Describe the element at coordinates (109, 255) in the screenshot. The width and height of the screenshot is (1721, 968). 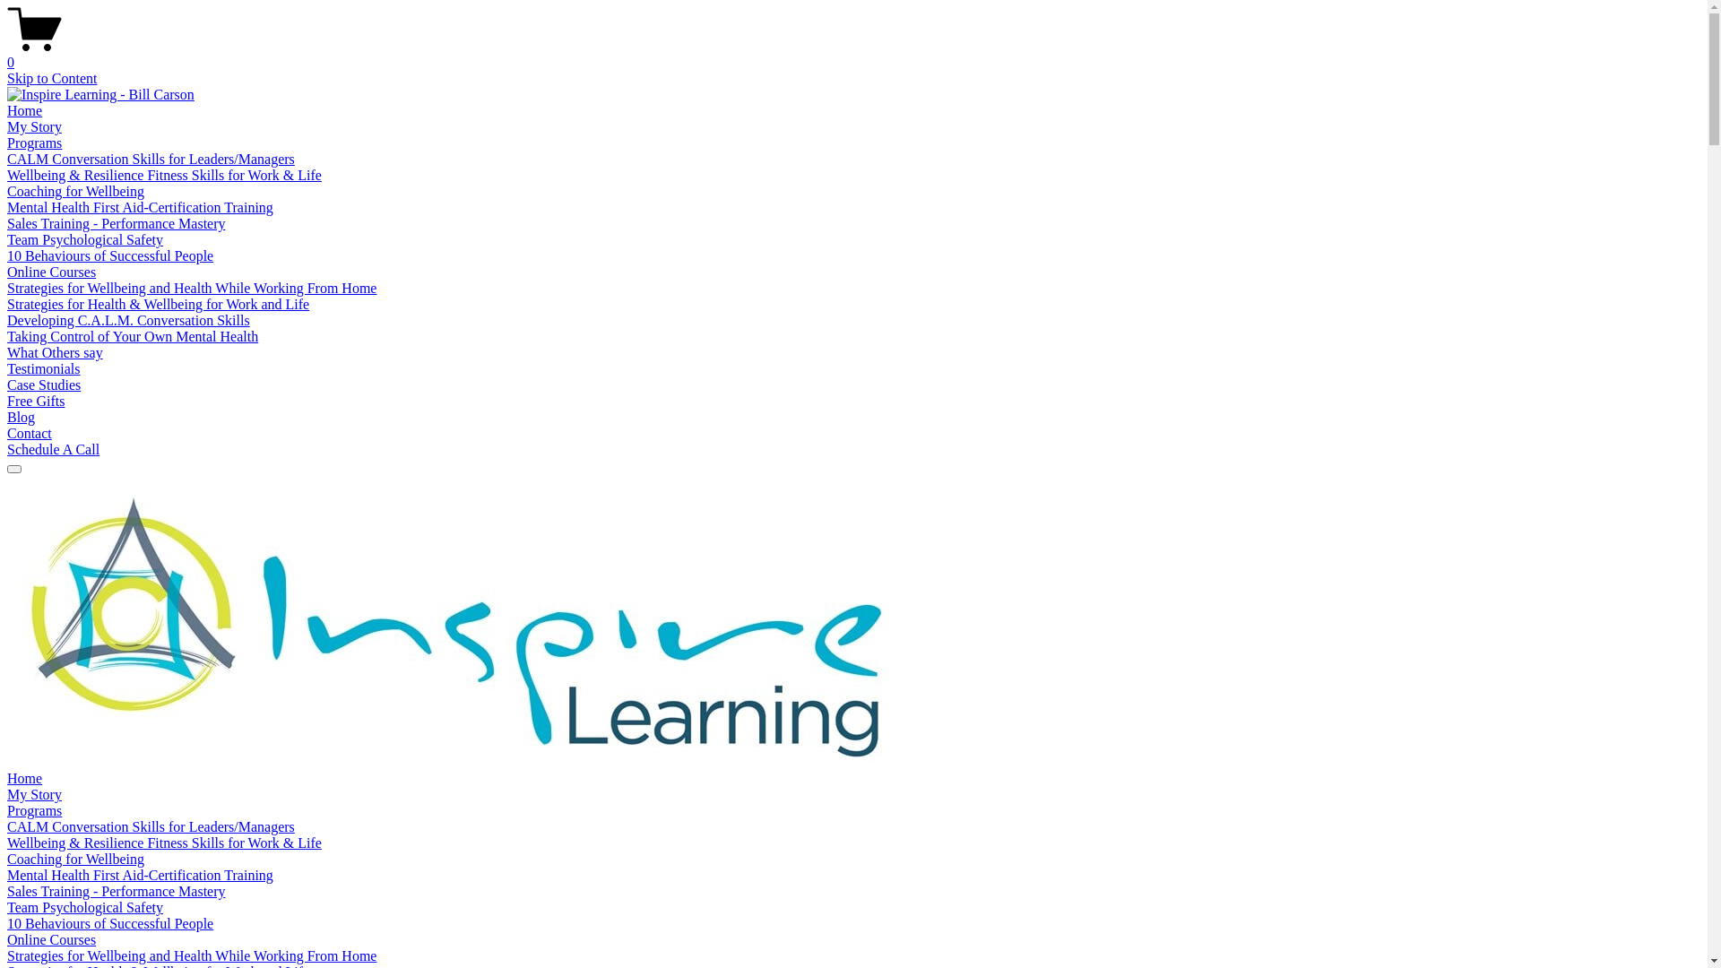
I see `'10 Behaviours of Successful People'` at that location.